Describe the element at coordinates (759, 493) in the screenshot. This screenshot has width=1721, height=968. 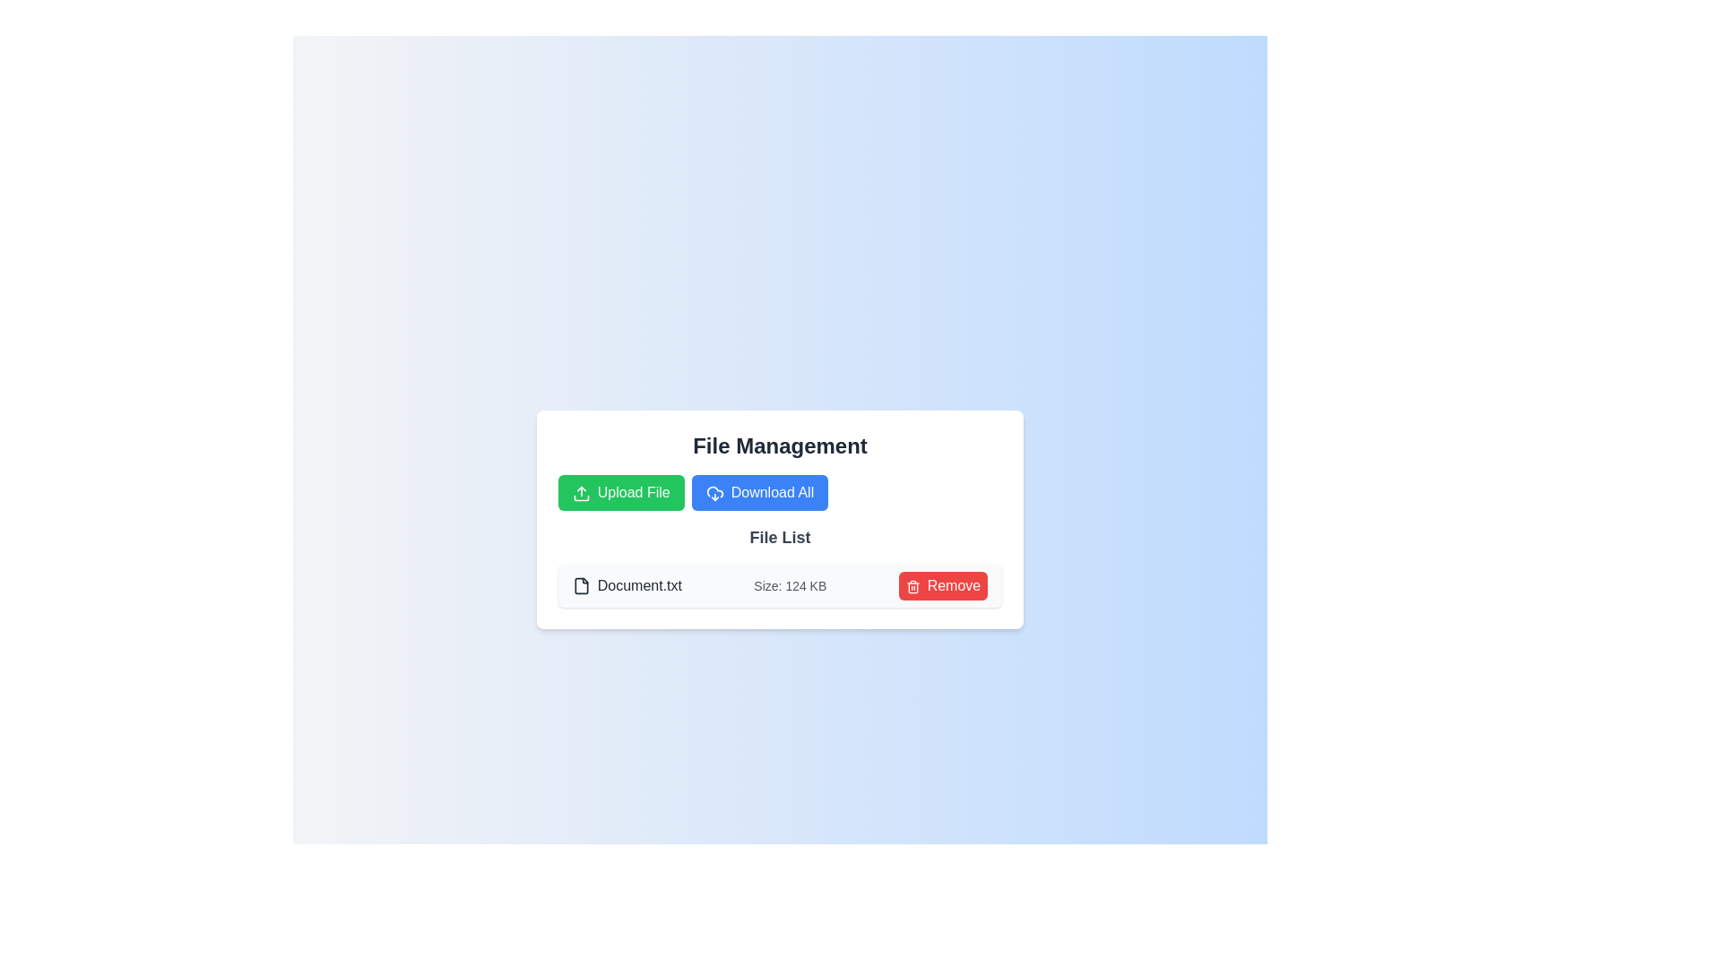
I see `the blue rectangular 'Download All' button with white text and a cloud download icon to change its color` at that location.